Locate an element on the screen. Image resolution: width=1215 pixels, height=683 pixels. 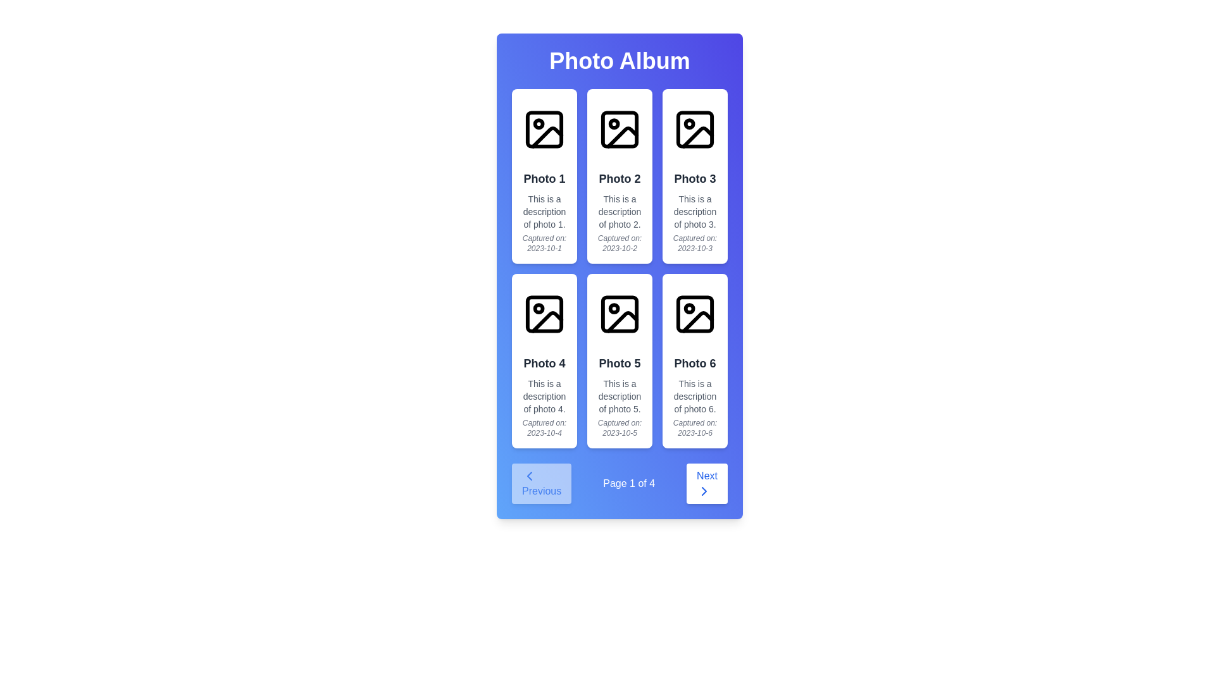
the text label displaying 'Captured on: 2023-10-1' in the bottom section of the 'Photo 1' card is located at coordinates (544, 243).